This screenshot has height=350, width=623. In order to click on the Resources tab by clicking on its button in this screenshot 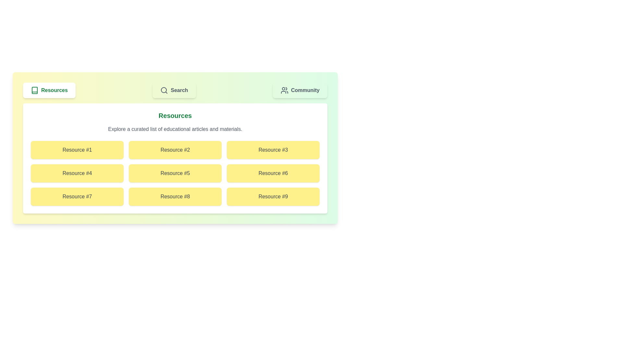, I will do `click(48, 90)`.